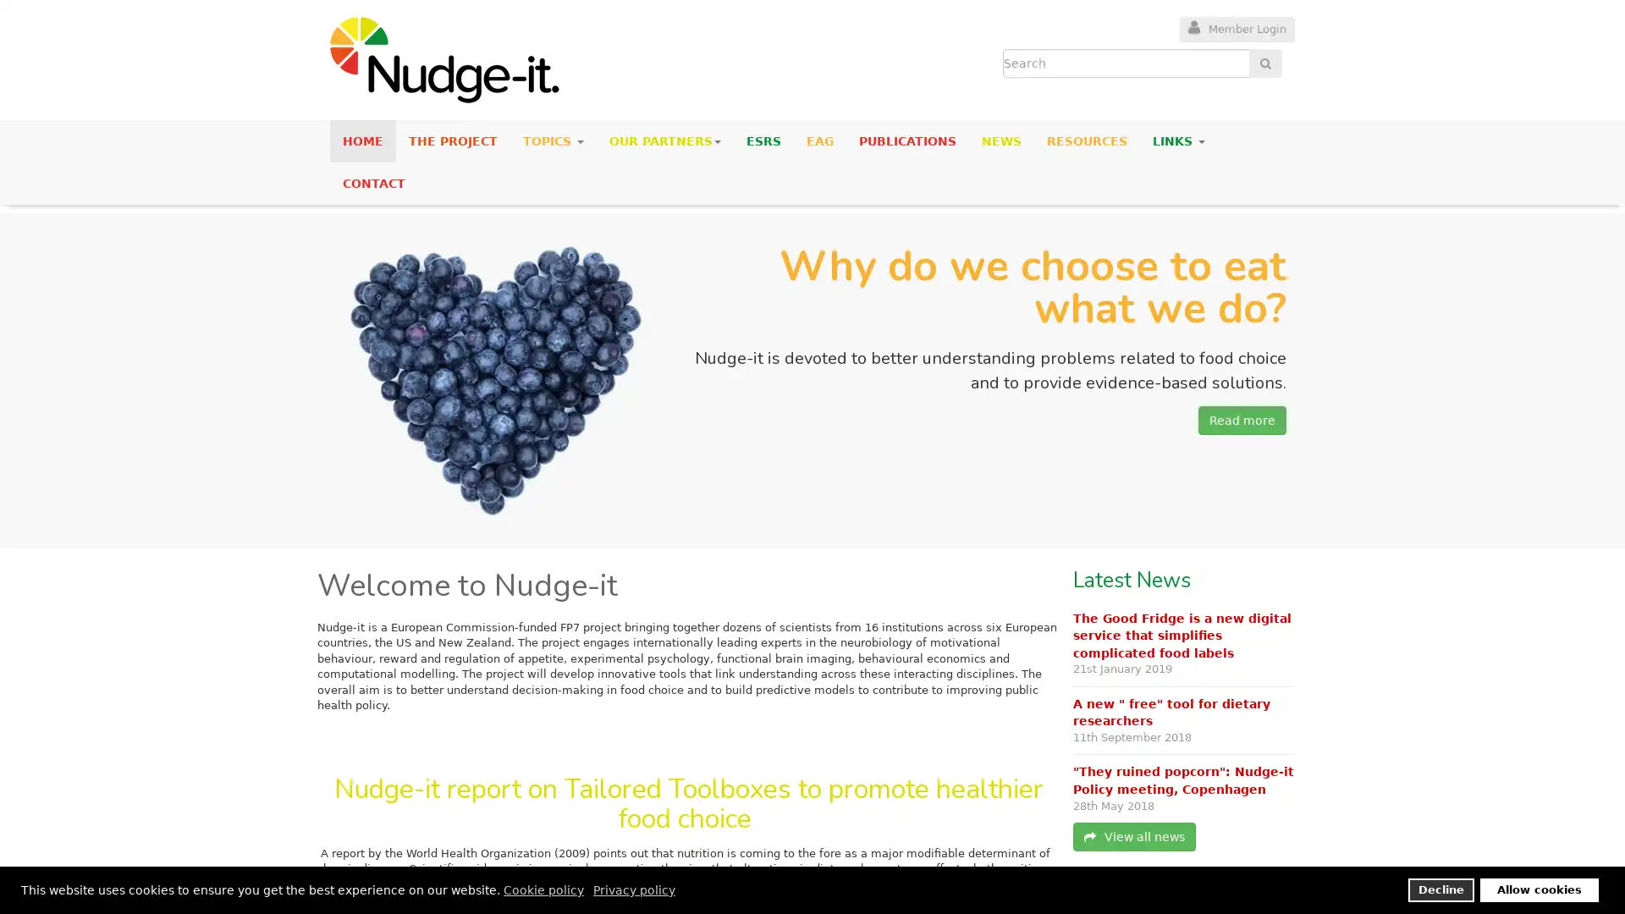 The image size is (1625, 914). I want to click on cookie policy, so click(544, 889).